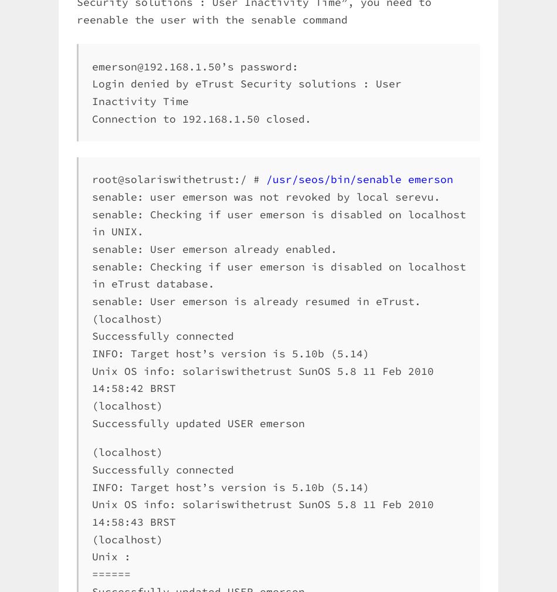 This screenshot has height=592, width=557. What do you see at coordinates (359, 178) in the screenshot?
I see `'/usr/seos/bin/senable emerson'` at bounding box center [359, 178].